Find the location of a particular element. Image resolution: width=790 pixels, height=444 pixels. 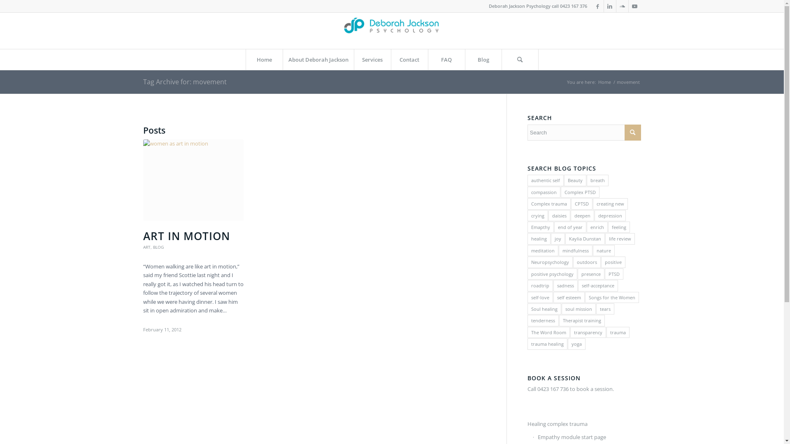

'Complex trauma' is located at coordinates (549, 203).